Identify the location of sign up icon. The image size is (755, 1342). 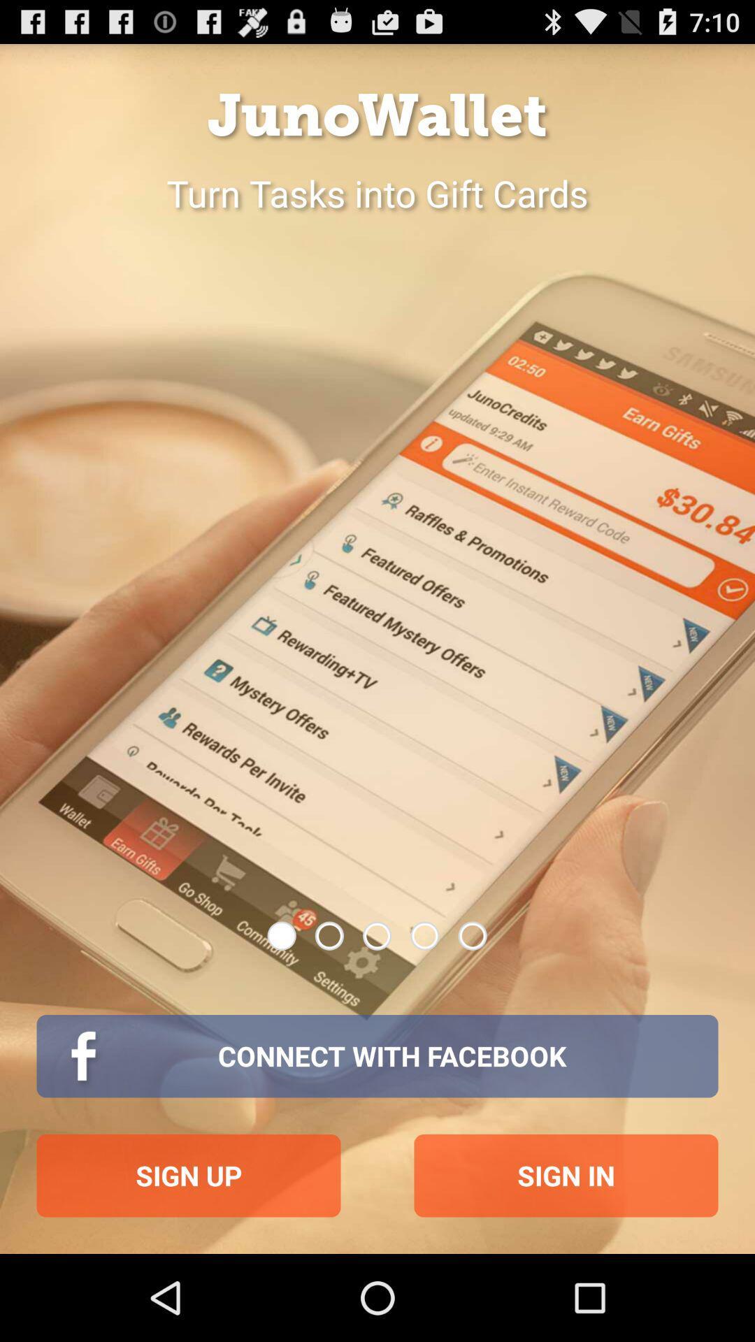
(189, 1175).